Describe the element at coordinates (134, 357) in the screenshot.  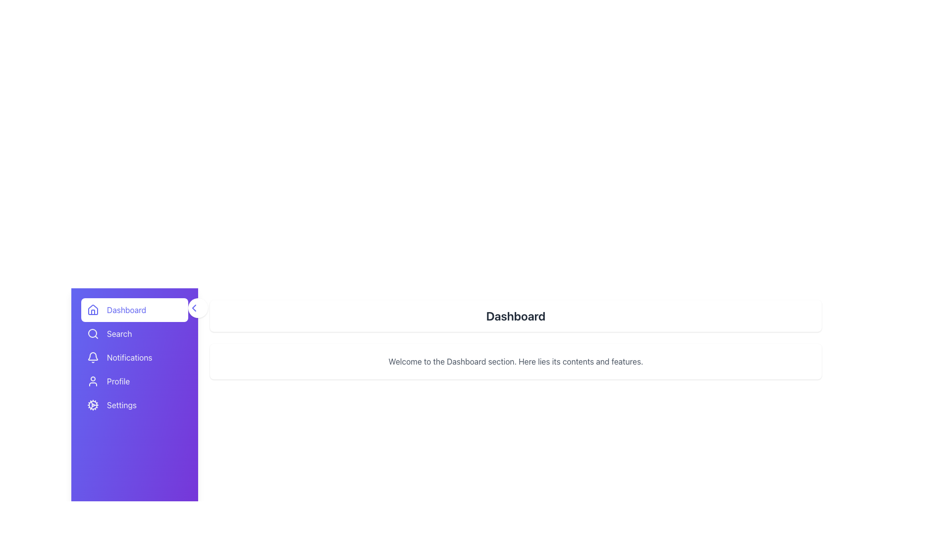
I see `the 'Notifications' button with a bell icon, which is the third item in the vertical sidebar list` at that location.